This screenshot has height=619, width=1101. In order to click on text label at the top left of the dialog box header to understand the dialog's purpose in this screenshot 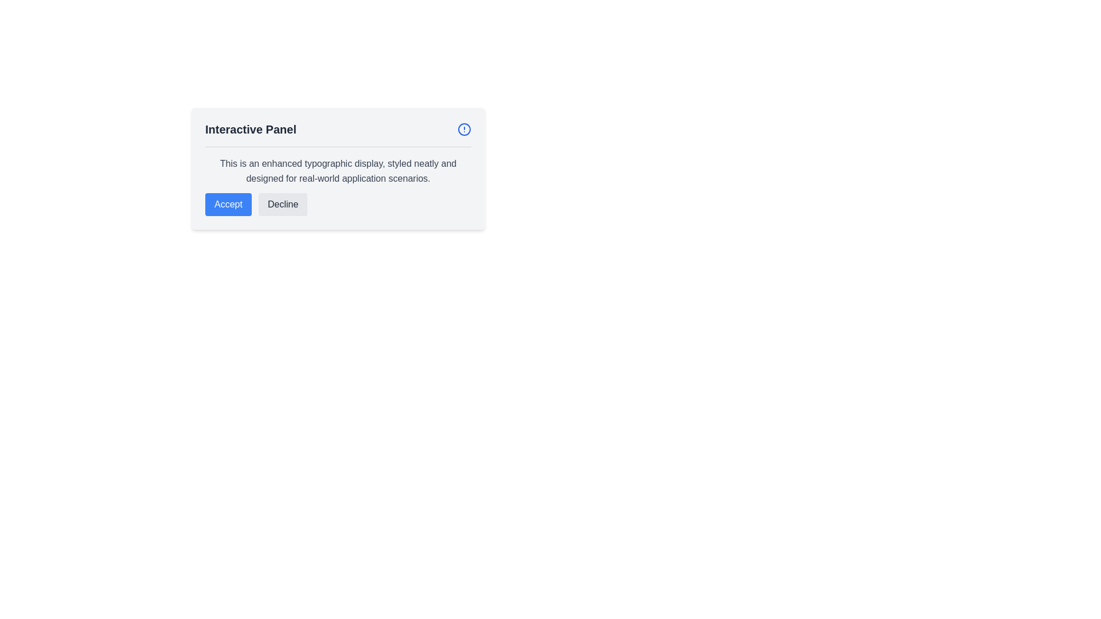, I will do `click(250, 129)`.